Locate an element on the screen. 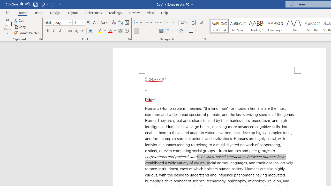  'Line and Paragraph Spacing' is located at coordinates (171, 31).